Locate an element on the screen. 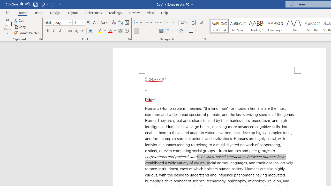  'Line and Paragraph Spacing' is located at coordinates (171, 31).